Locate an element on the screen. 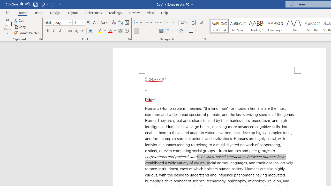  'Line and Paragraph Spacing' is located at coordinates (171, 31).